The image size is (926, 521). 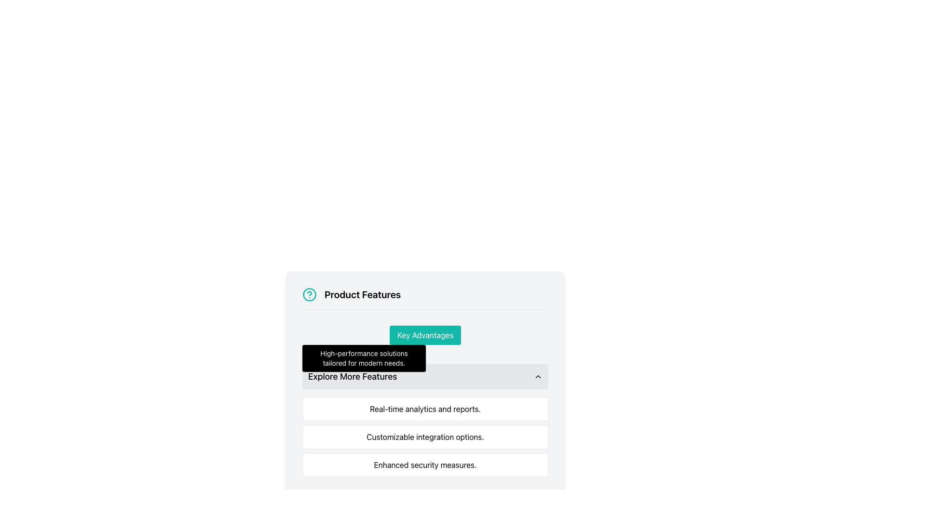 What do you see at coordinates (425, 409) in the screenshot?
I see `the first static text block that provides concise information about one feature of the product, located immediately below the 'Explore More Features' header` at bounding box center [425, 409].